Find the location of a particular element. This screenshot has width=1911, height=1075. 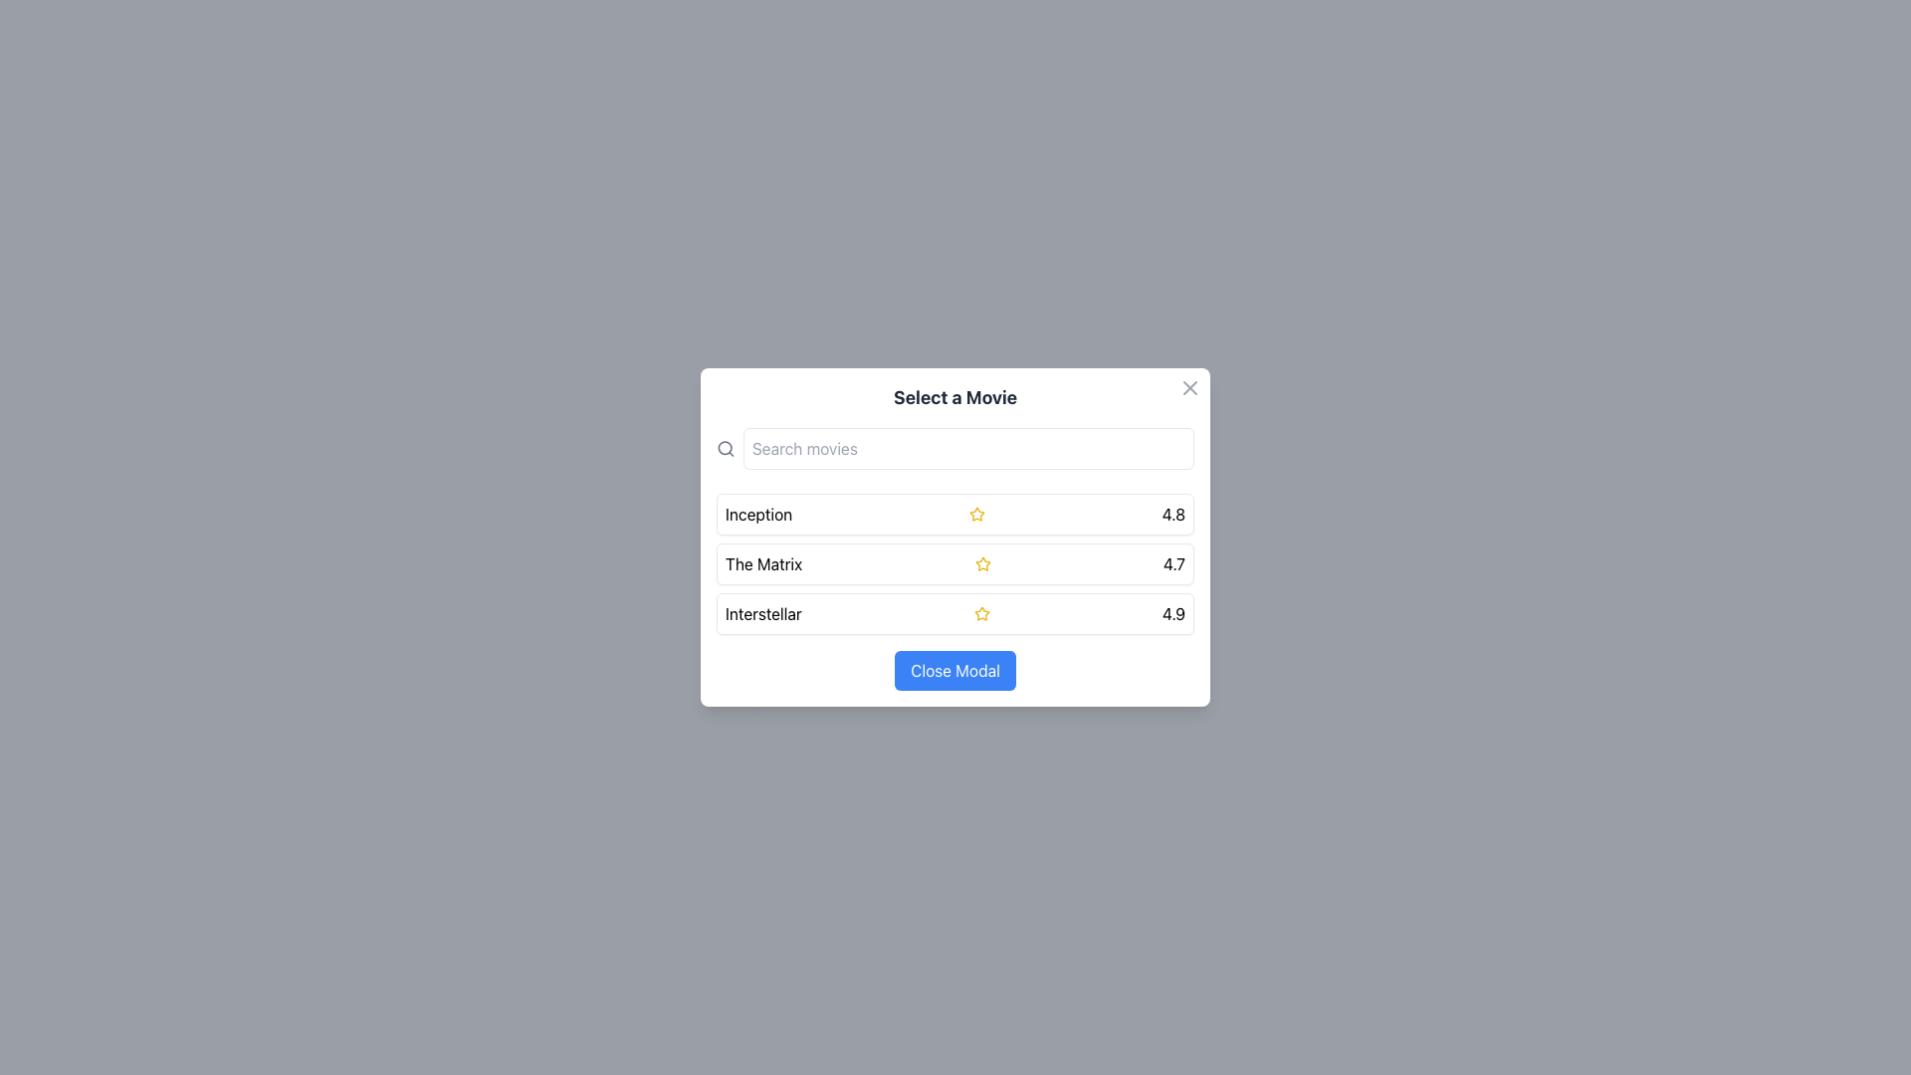

the first List item for the movie 'Inception', which displays its name and rating is located at coordinates (955, 513).